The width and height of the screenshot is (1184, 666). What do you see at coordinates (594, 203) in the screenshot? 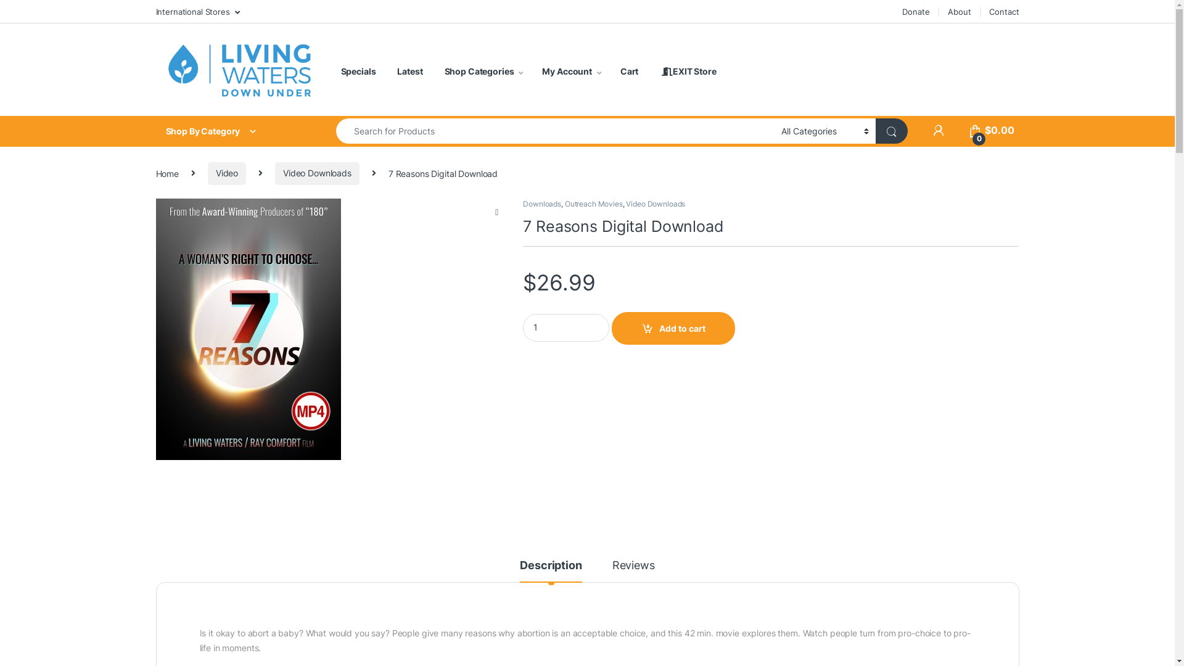
I see `'Outreach Movies'` at bounding box center [594, 203].